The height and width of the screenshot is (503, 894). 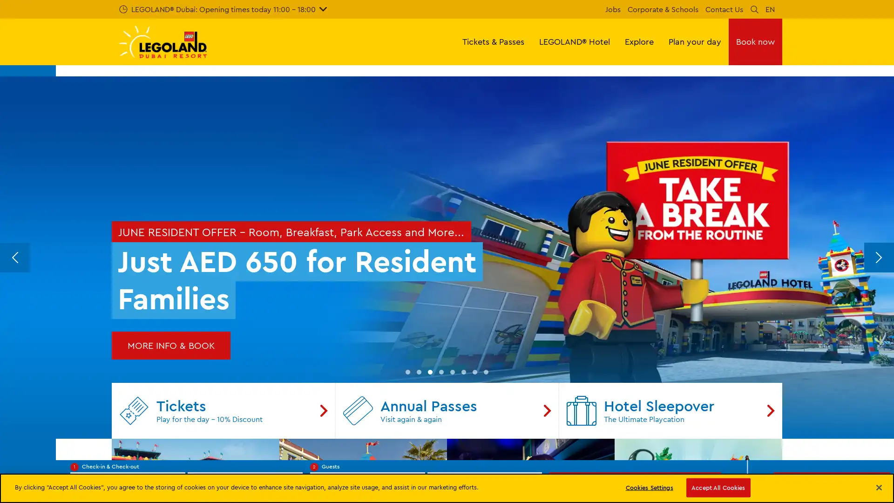 I want to click on EN Languages, so click(x=770, y=9).